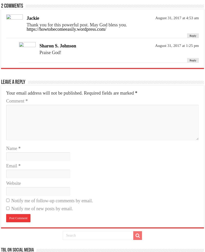 The height and width of the screenshot is (252, 205). I want to click on 'Comment', so click(15, 100).